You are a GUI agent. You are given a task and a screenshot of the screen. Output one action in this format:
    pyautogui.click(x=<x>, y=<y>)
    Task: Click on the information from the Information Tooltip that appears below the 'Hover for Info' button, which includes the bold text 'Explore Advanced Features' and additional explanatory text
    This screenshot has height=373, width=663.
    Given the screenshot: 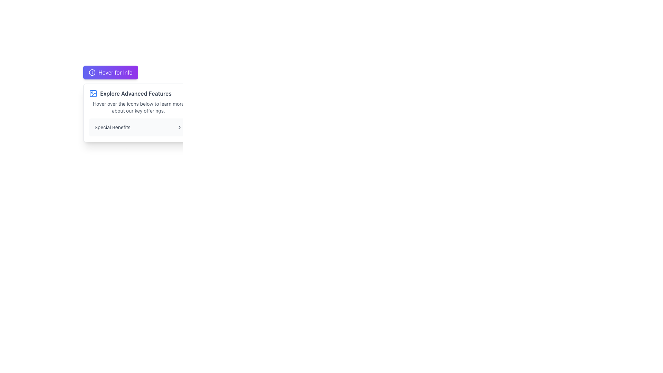 What is the action you would take?
    pyautogui.click(x=138, y=113)
    